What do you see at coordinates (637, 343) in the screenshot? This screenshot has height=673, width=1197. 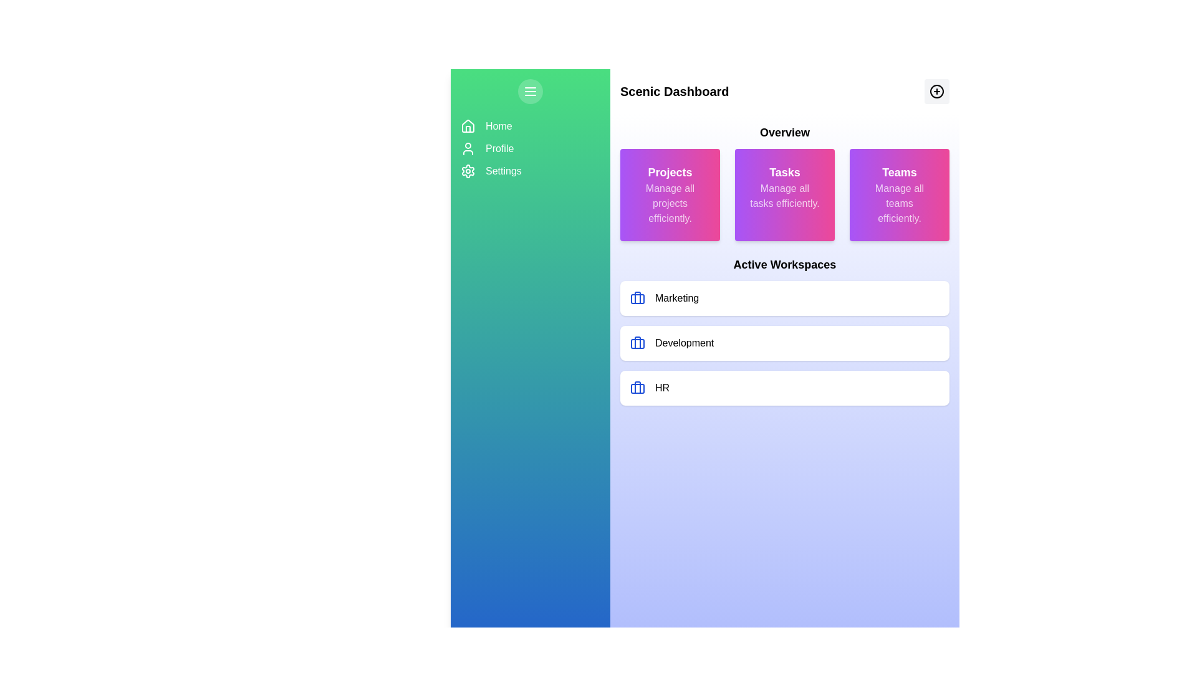 I see `the briefcase icon located under the 'Overview' section in the 'Development' workspace` at bounding box center [637, 343].